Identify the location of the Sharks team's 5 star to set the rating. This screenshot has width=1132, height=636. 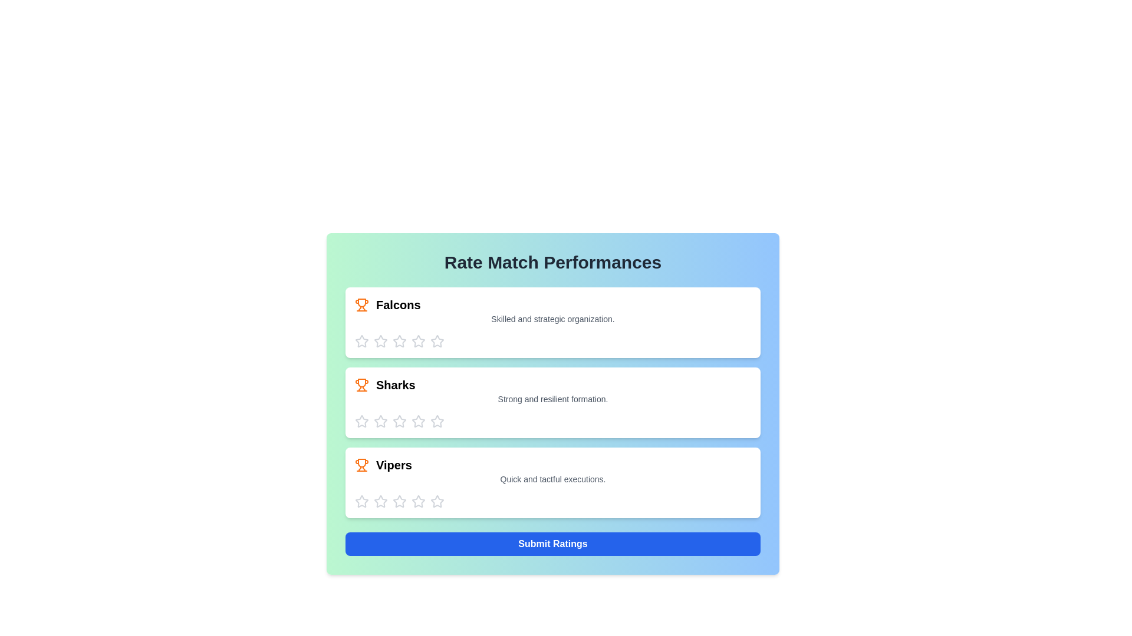
(437, 421).